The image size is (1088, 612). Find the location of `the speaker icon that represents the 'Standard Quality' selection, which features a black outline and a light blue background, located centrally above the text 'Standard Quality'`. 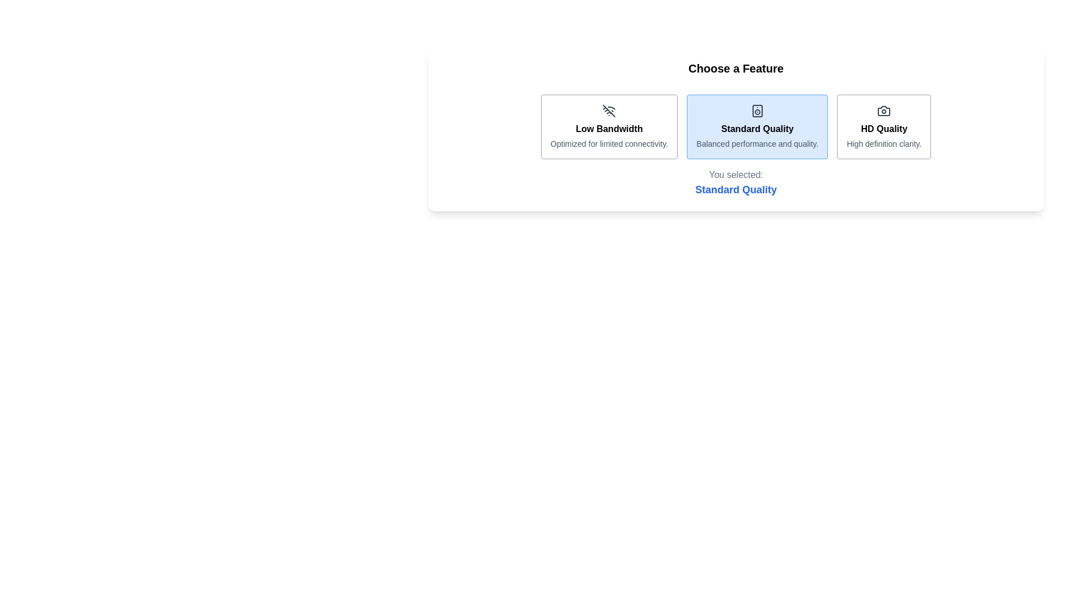

the speaker icon that represents the 'Standard Quality' selection, which features a black outline and a light blue background, located centrally above the text 'Standard Quality' is located at coordinates (757, 111).